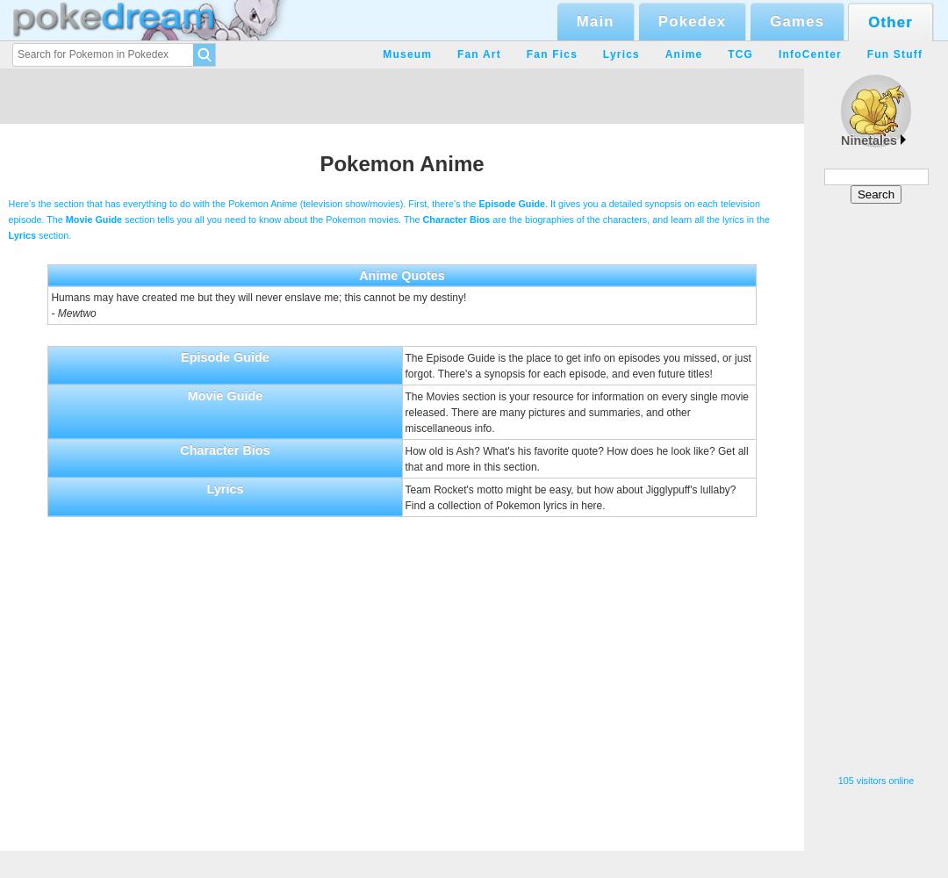  I want to click on 'Team Rocket's motto might be easy, but how about Jigglypuff's lullaby? Find a collection of Pokemon
lyrics in here.', so click(570, 496).